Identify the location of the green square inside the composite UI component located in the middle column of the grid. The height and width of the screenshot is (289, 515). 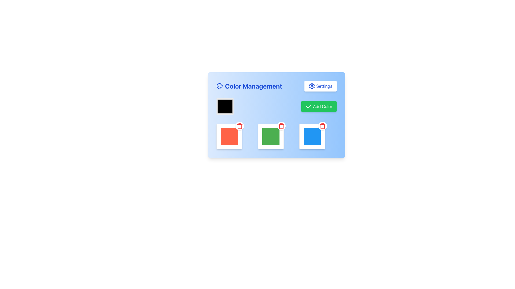
(271, 136).